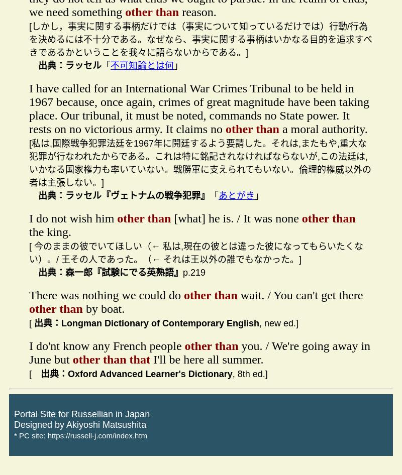 The width and height of the screenshot is (402, 475). Describe the element at coordinates (200, 39) in the screenshot. I see `'[しかし，事実に関する事柄だけでは（事実について知っているだけでは）行動/行為を決めるには不十分である。なぜなら、事実に関する事柄はいかなる目的を追求すべきであるかということを我々に語らないからである。]'` at that location.